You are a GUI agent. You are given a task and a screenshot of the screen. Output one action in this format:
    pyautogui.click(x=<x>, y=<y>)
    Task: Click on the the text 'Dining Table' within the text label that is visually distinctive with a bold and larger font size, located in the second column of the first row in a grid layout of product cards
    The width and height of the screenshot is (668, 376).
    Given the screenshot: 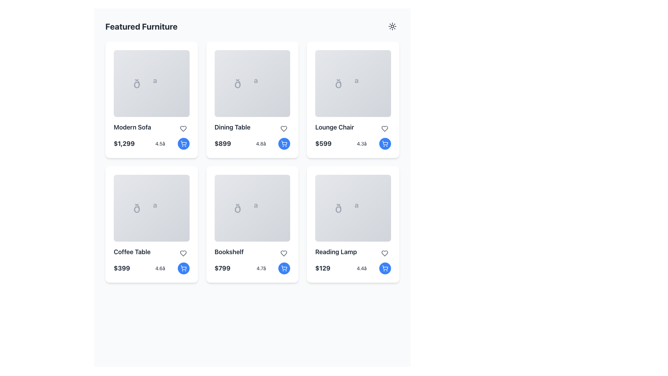 What is the action you would take?
    pyautogui.click(x=252, y=129)
    